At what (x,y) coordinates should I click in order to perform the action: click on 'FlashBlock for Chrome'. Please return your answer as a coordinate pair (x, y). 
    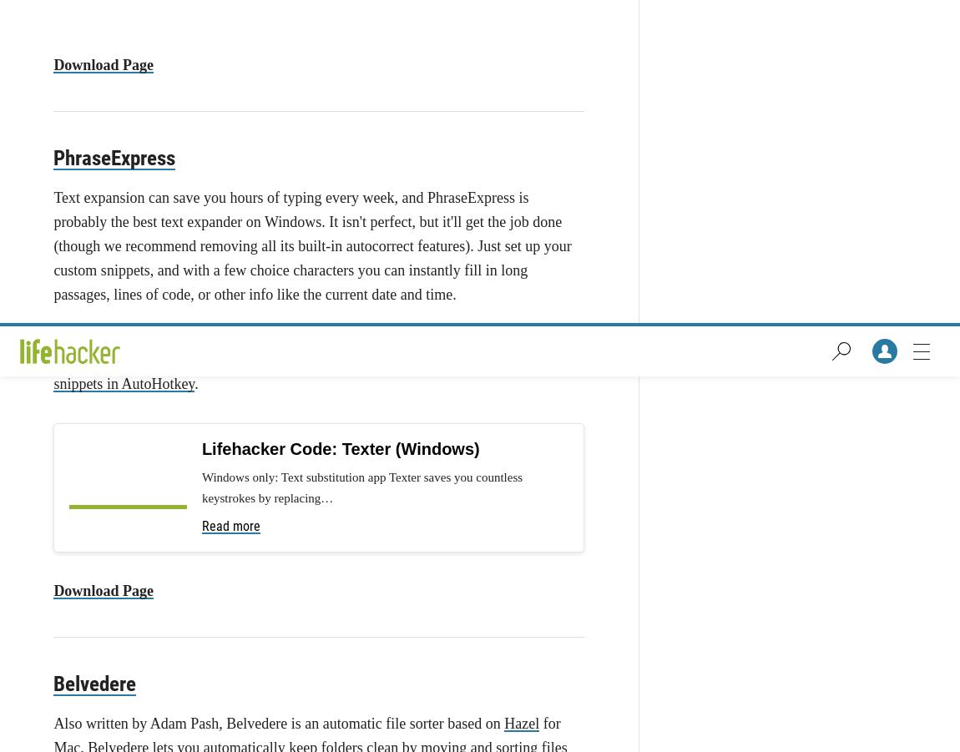
    Looking at the image, I should click on (486, 199).